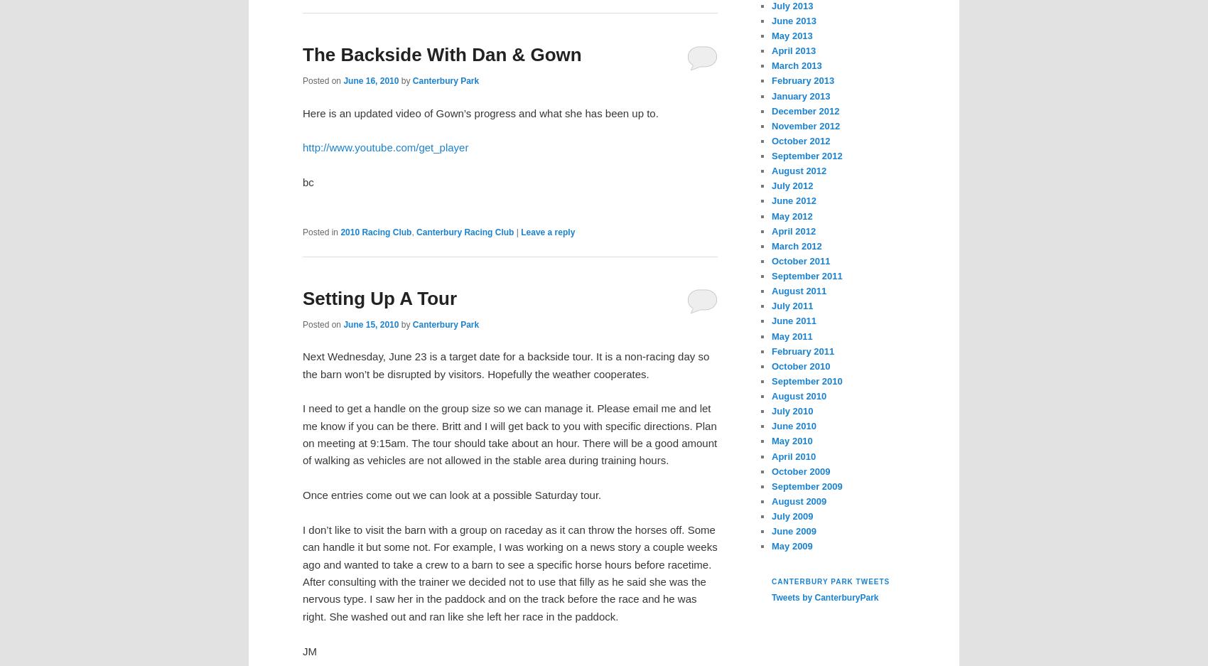  Describe the element at coordinates (800, 140) in the screenshot. I see `'October 2012'` at that location.